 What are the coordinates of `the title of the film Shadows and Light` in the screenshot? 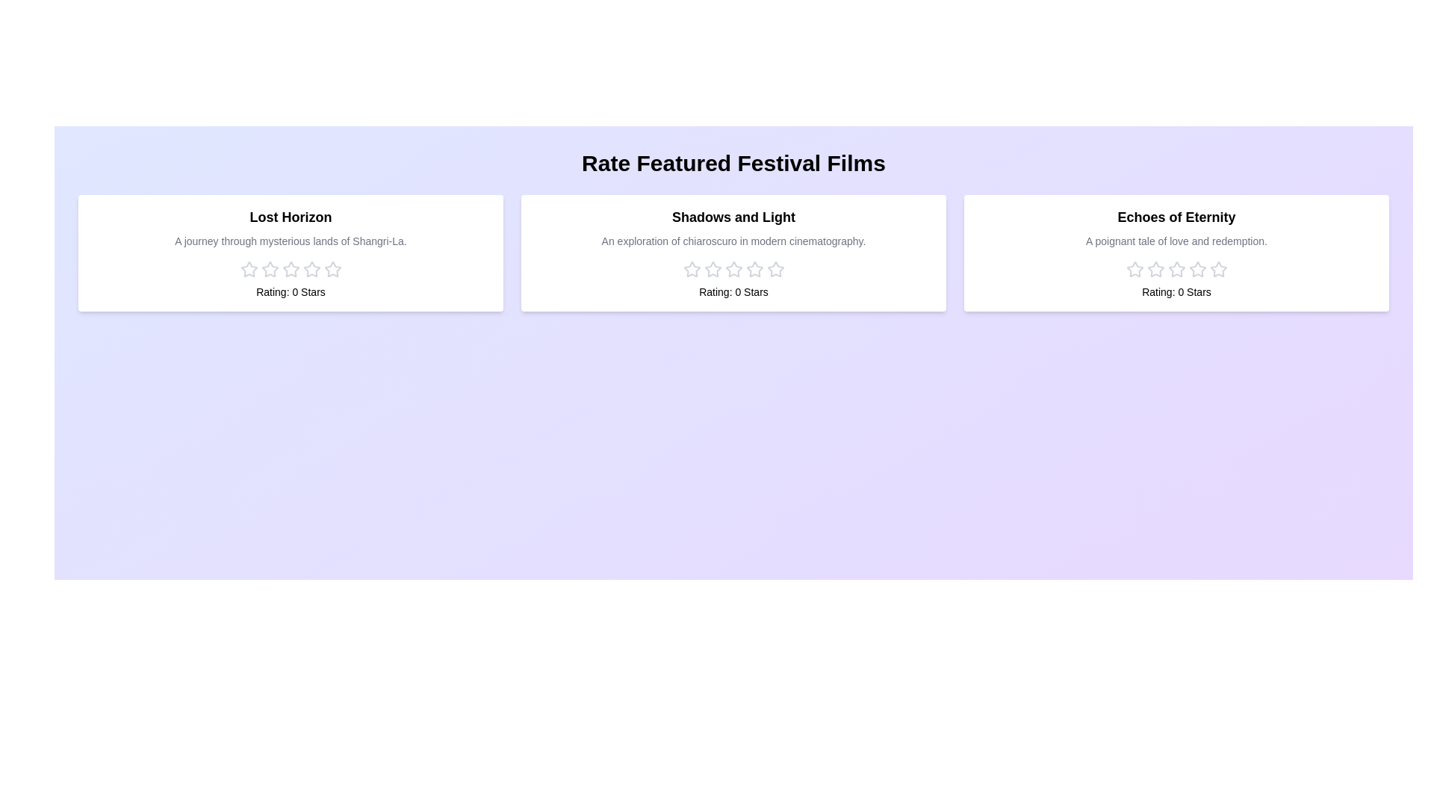 It's located at (733, 217).